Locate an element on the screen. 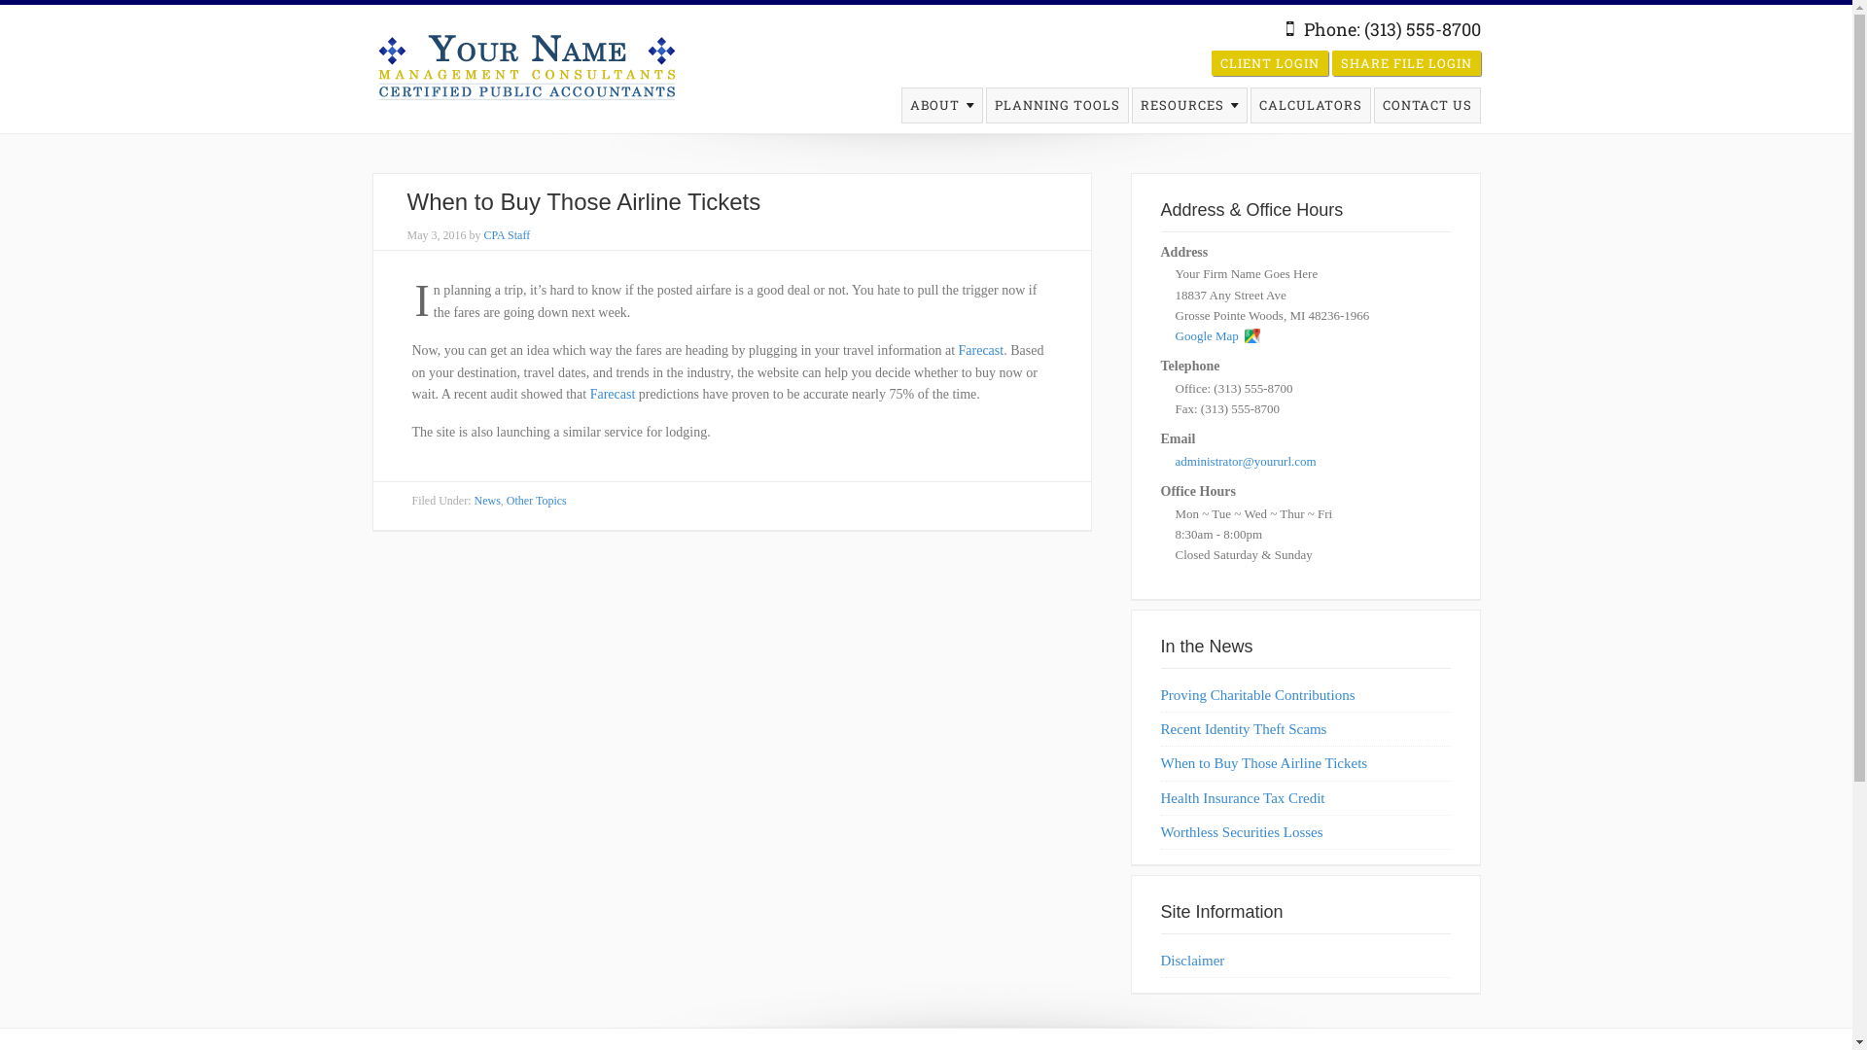 The width and height of the screenshot is (1867, 1050). 'PLANNING TOOLS' is located at coordinates (1055, 105).